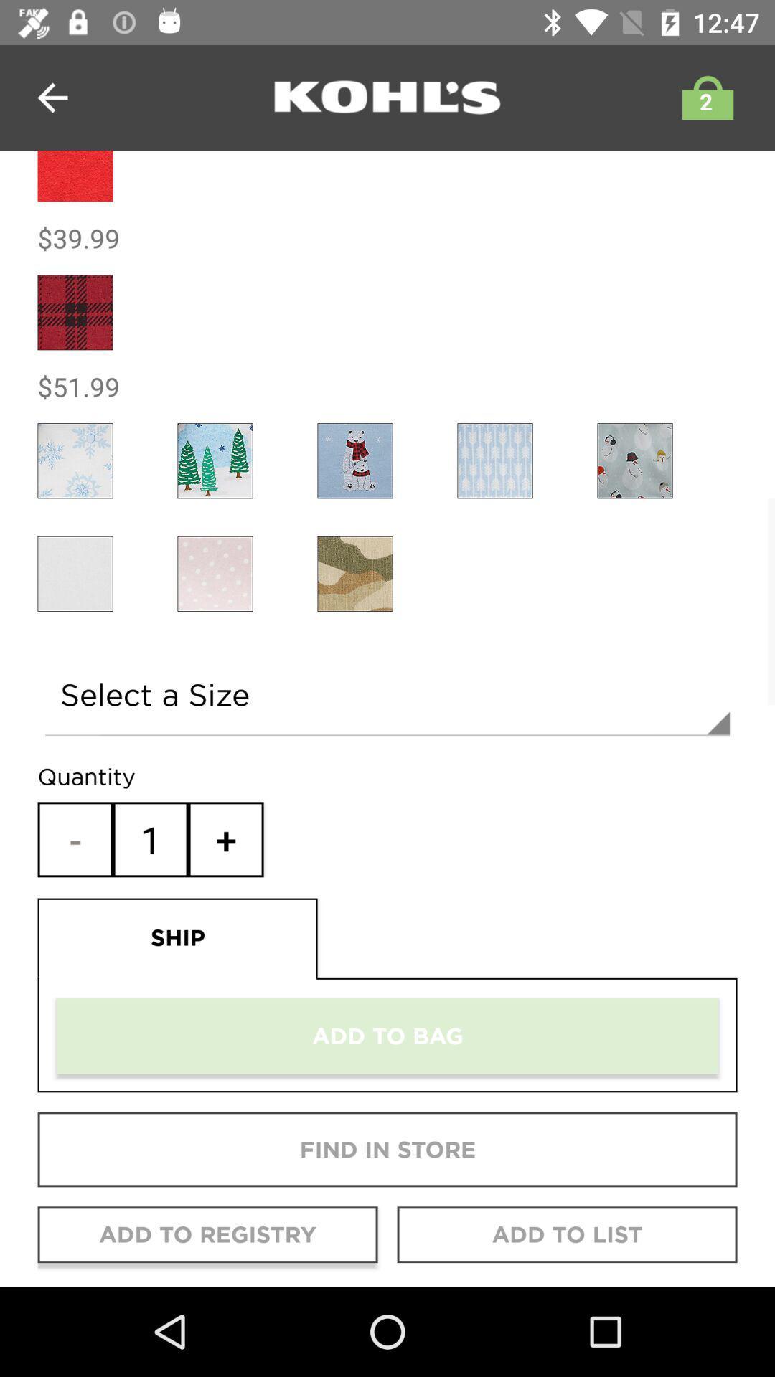 This screenshot has height=1377, width=775. What do you see at coordinates (215, 574) in the screenshot?
I see `the close icon` at bounding box center [215, 574].